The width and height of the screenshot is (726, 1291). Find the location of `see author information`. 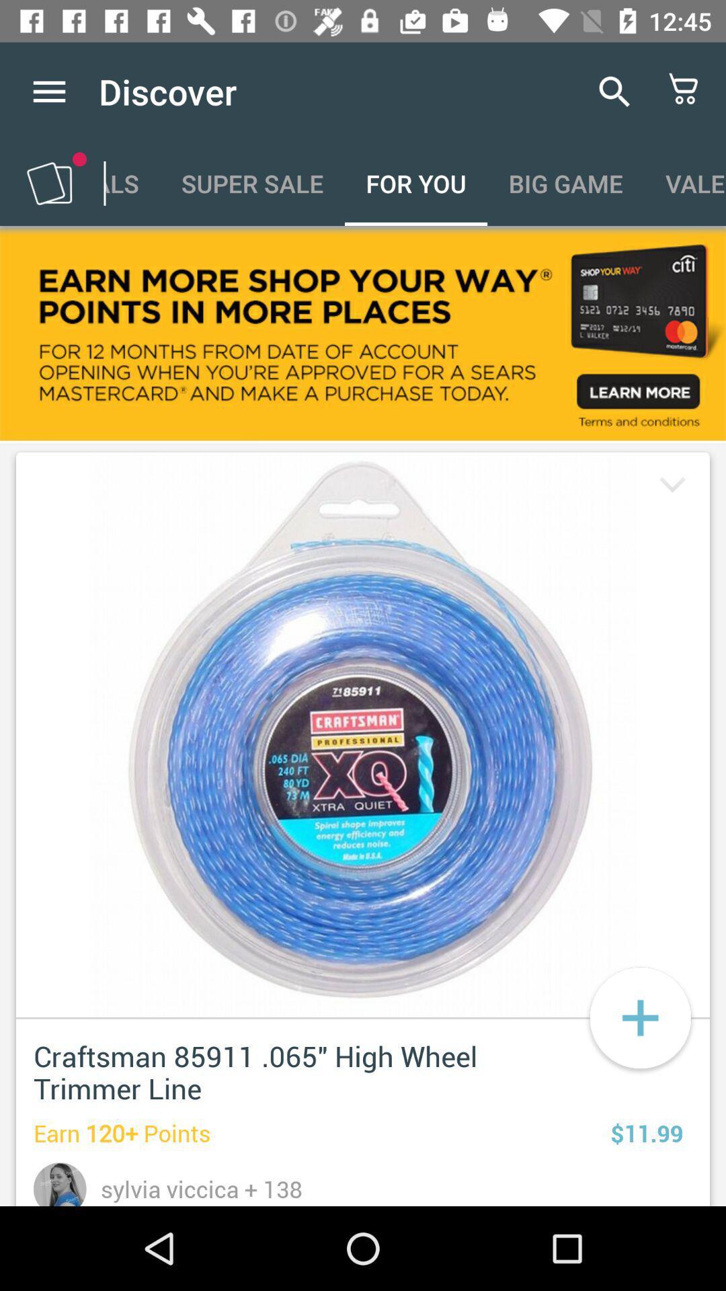

see author information is located at coordinates (59, 1184).